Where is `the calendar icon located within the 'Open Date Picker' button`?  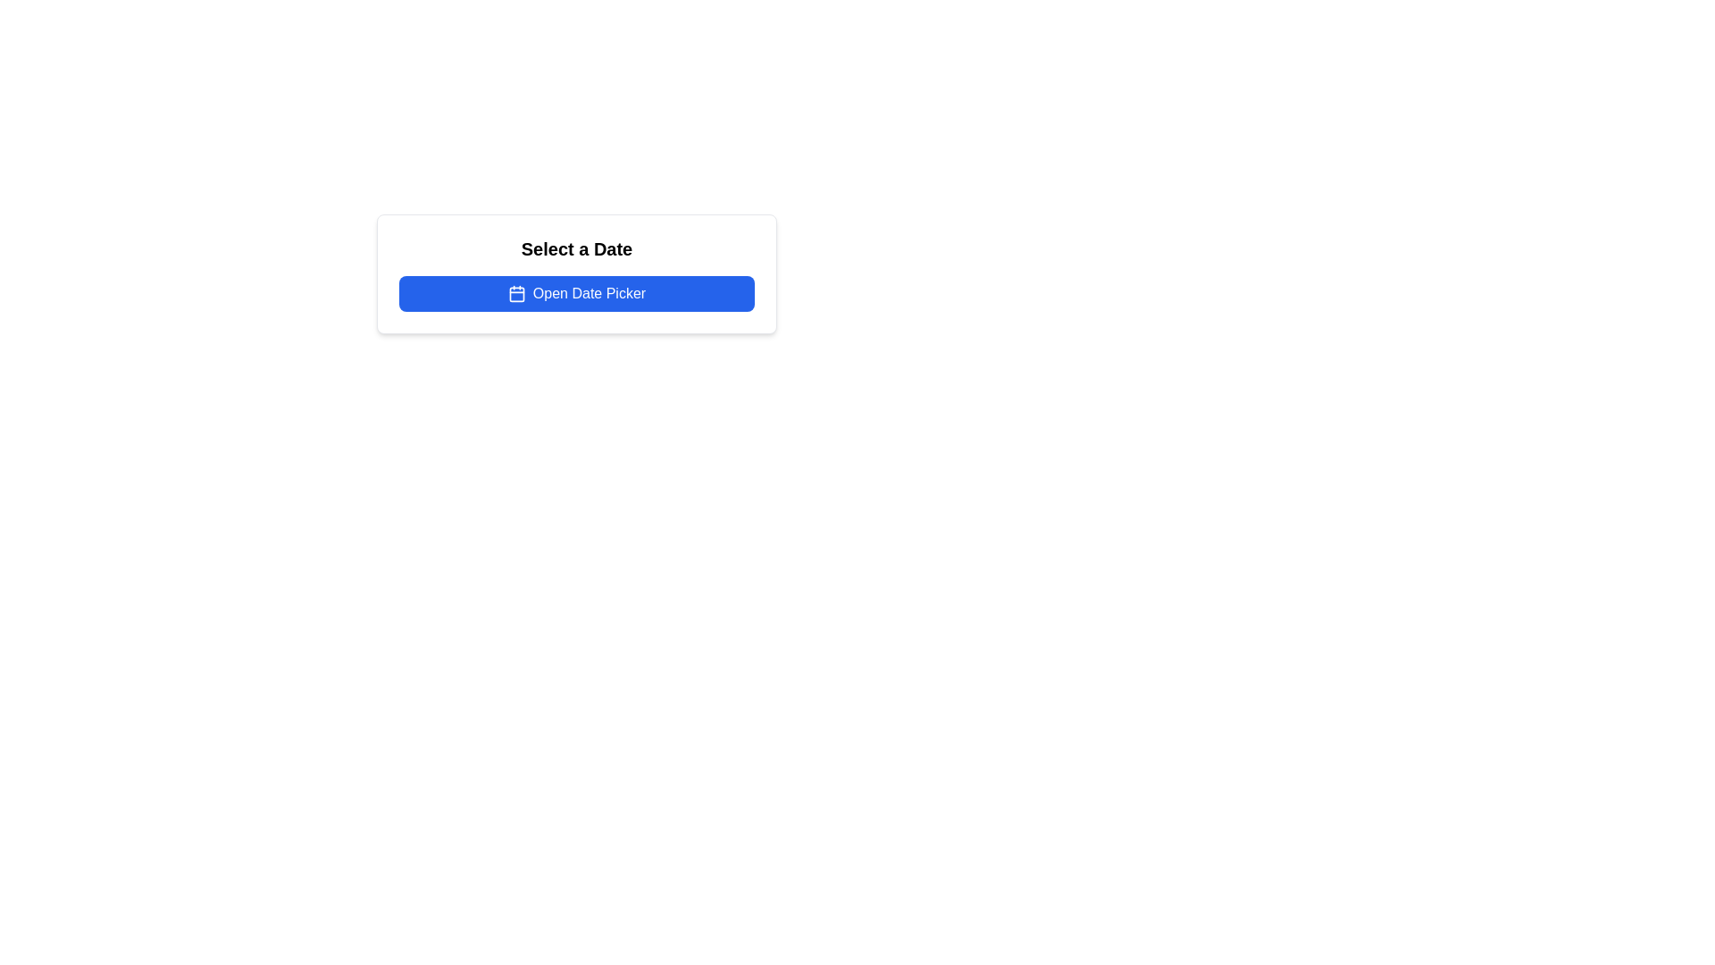 the calendar icon located within the 'Open Date Picker' button is located at coordinates (515, 292).